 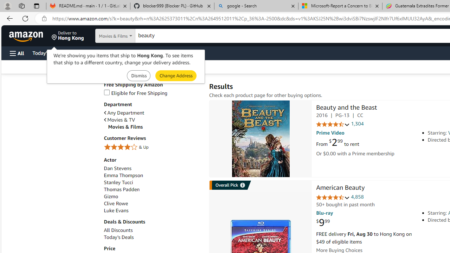 I want to click on '$9.99', so click(x=323, y=223).